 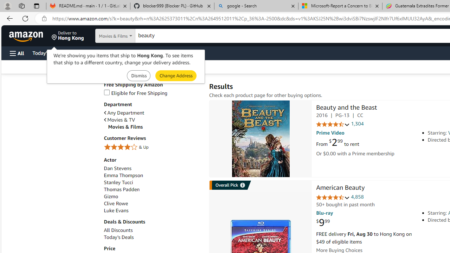 I want to click on '$9.99', so click(x=323, y=223).